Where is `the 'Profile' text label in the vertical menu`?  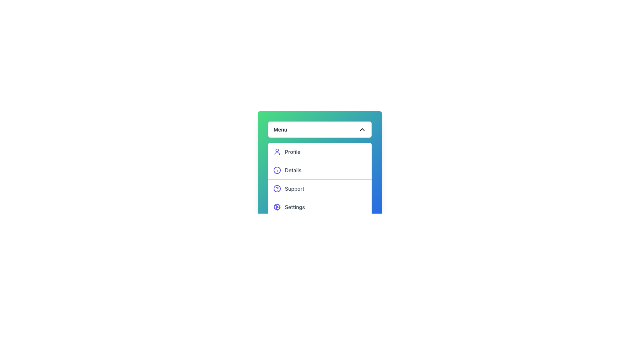
the 'Profile' text label in the vertical menu is located at coordinates (292, 152).